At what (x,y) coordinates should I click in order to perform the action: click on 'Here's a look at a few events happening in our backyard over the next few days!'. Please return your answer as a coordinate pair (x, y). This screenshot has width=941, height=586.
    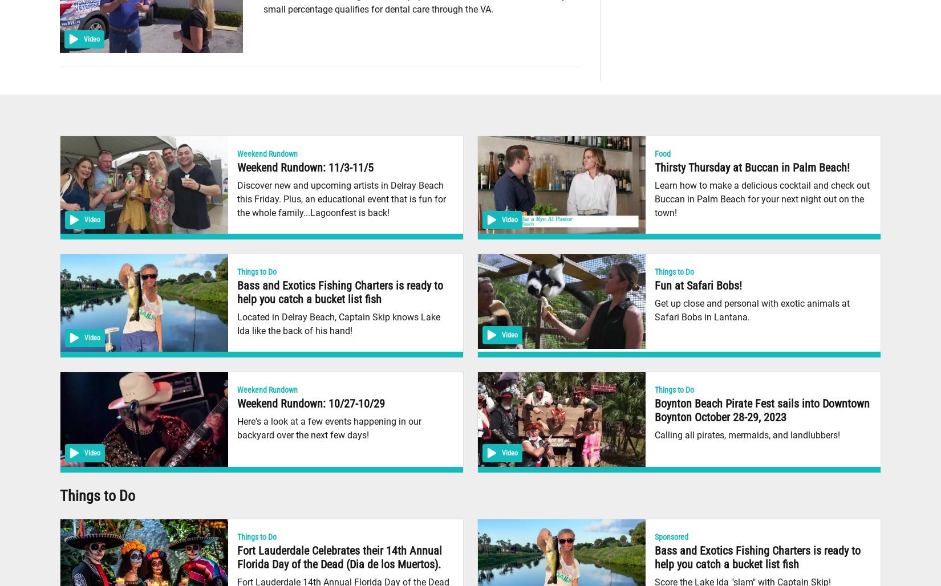
    Looking at the image, I should click on (328, 428).